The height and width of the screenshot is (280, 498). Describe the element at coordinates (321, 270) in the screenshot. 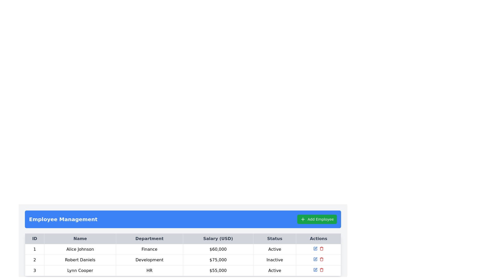

I see `the red trash bin icon in the 'Actions' column of the last row of the table` at that location.